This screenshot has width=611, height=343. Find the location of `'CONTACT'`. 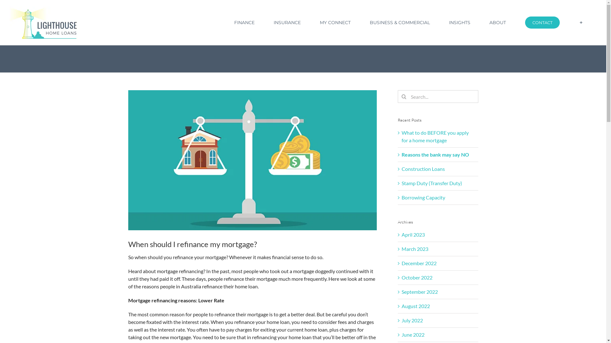

'CONTACT' is located at coordinates (542, 22).